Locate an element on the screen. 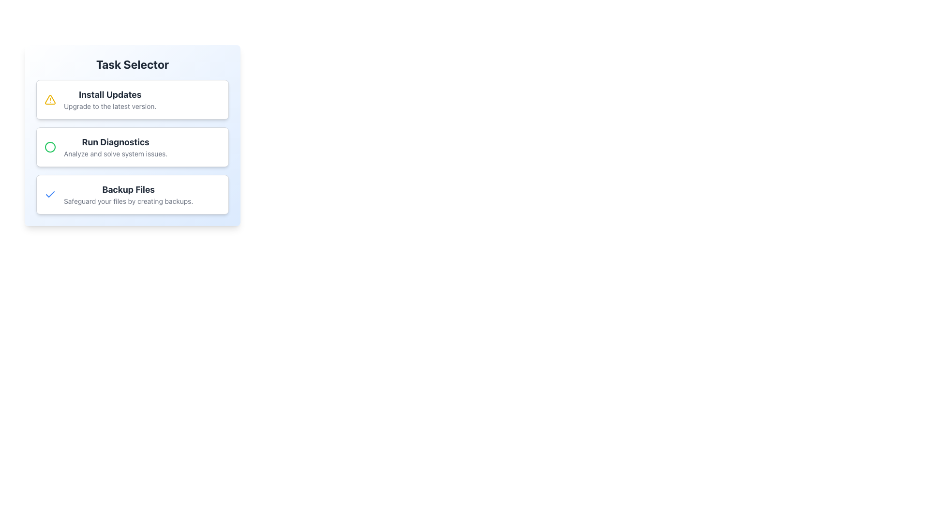 This screenshot has width=929, height=523. bold, large text 'Backup Files' located in the third selectable task option of the vertical list is located at coordinates (128, 190).